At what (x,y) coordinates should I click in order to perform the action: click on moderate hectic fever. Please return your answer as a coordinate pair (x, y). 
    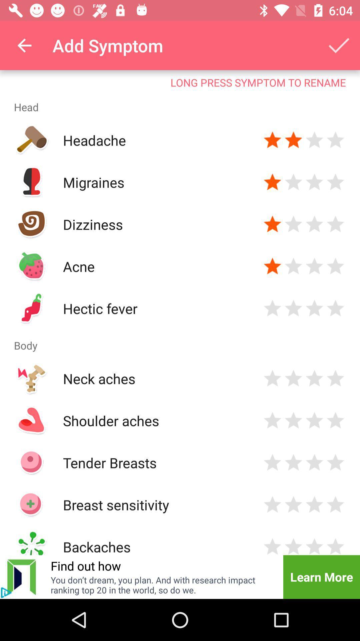
    Looking at the image, I should click on (314, 308).